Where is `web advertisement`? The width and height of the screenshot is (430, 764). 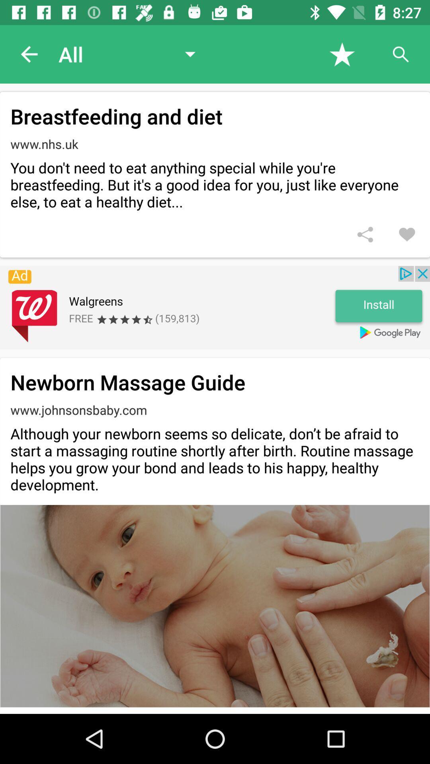
web advertisement is located at coordinates (215, 307).